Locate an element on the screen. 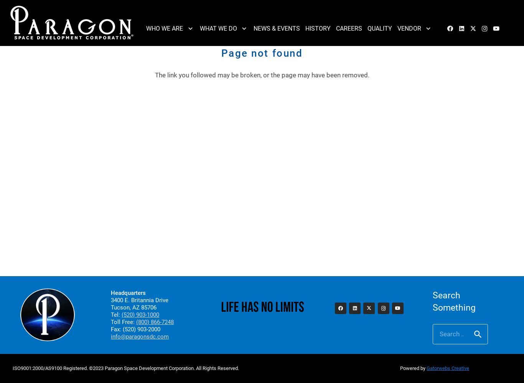  'VENDOR' is located at coordinates (409, 28).